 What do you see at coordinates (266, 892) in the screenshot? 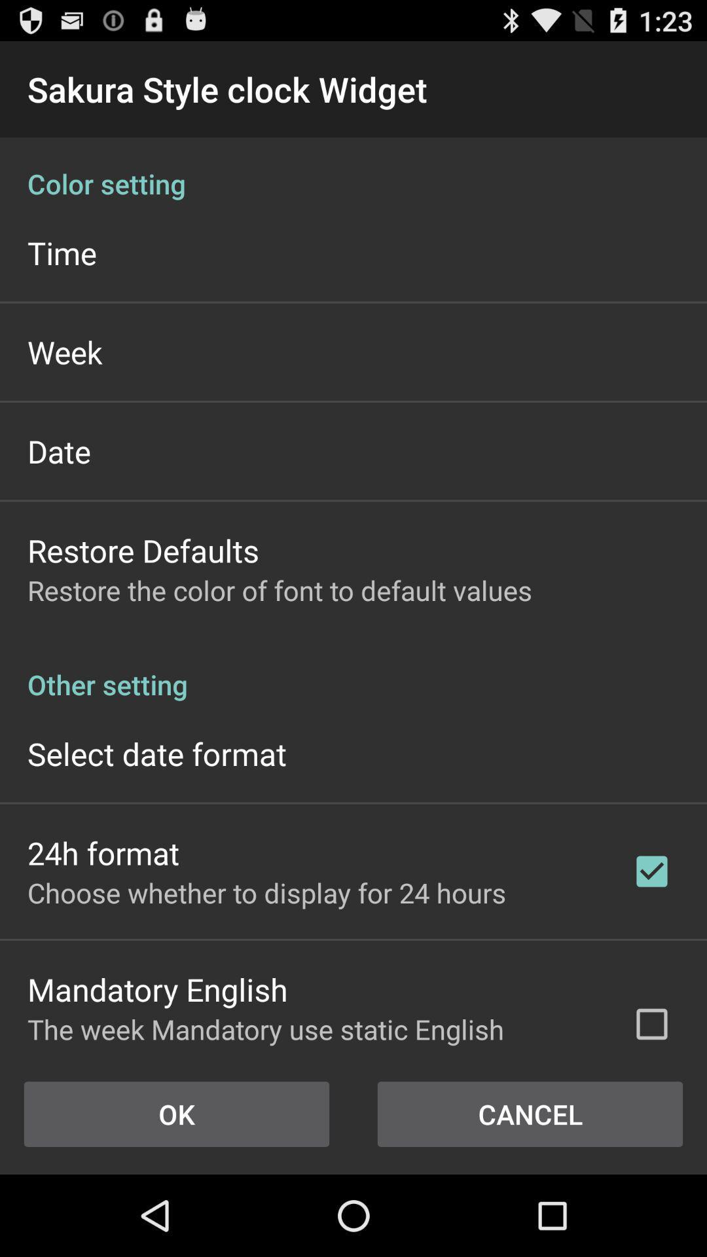
I see `choose whether to icon` at bounding box center [266, 892].